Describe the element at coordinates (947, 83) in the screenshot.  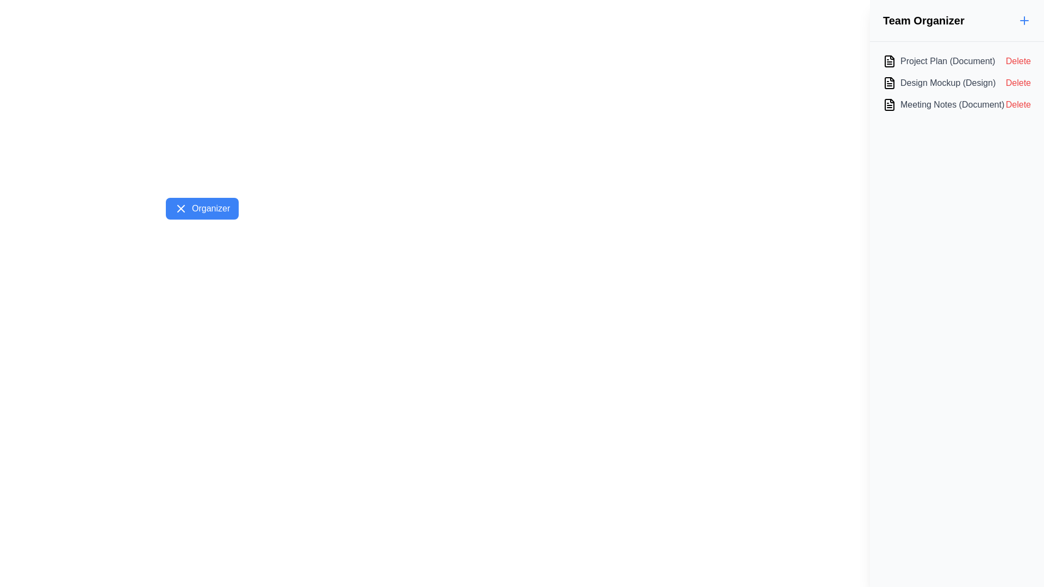
I see `the Text Label that identifies or labels a design mockup document within the application interface, which is positioned next to a document icon` at that location.